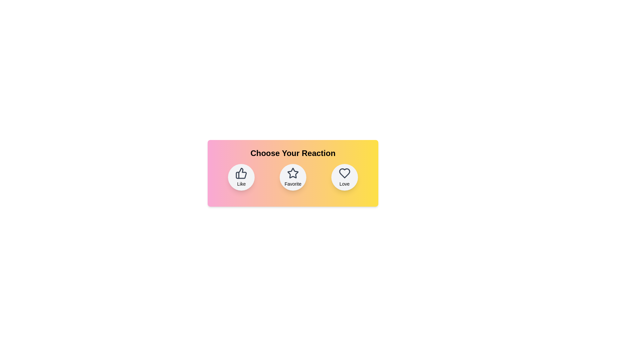 The image size is (640, 360). What do you see at coordinates (344, 177) in the screenshot?
I see `the Love button to select the corresponding reaction` at bounding box center [344, 177].